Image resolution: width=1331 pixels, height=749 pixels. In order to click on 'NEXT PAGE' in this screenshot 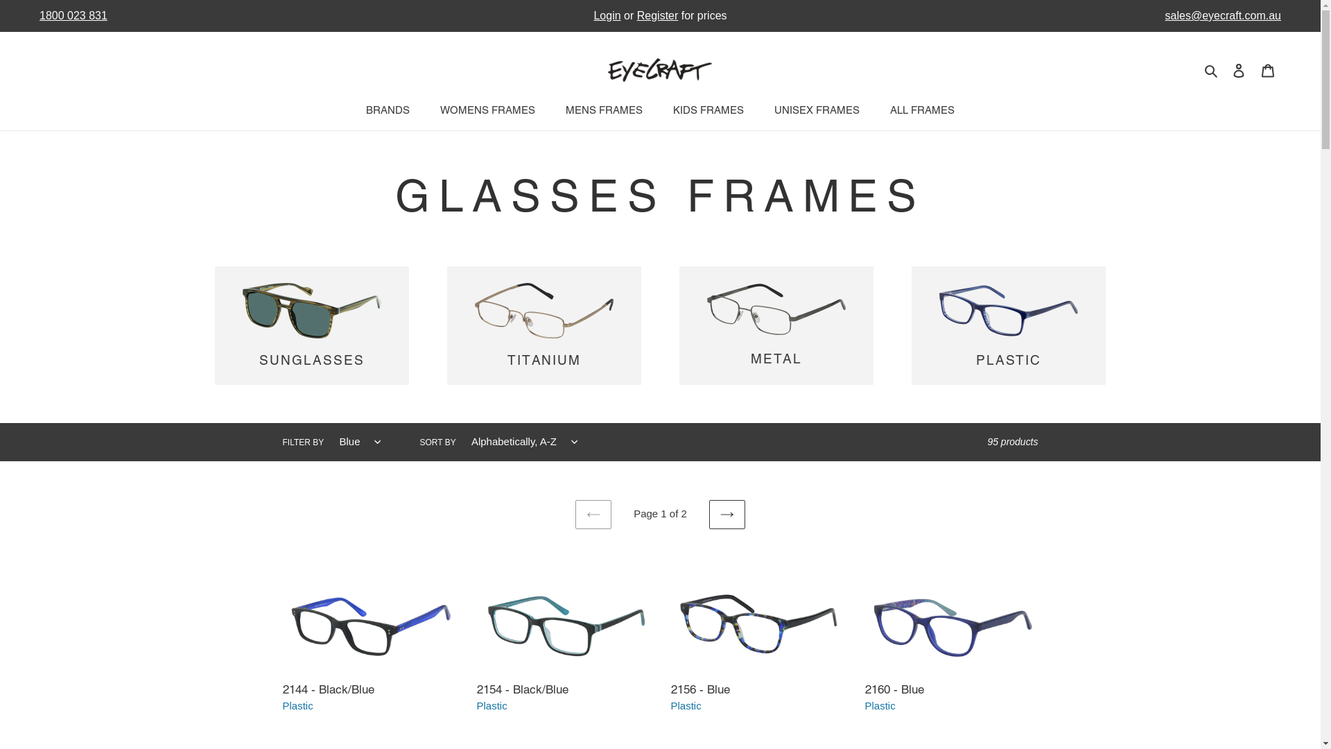, I will do `click(727, 514)`.